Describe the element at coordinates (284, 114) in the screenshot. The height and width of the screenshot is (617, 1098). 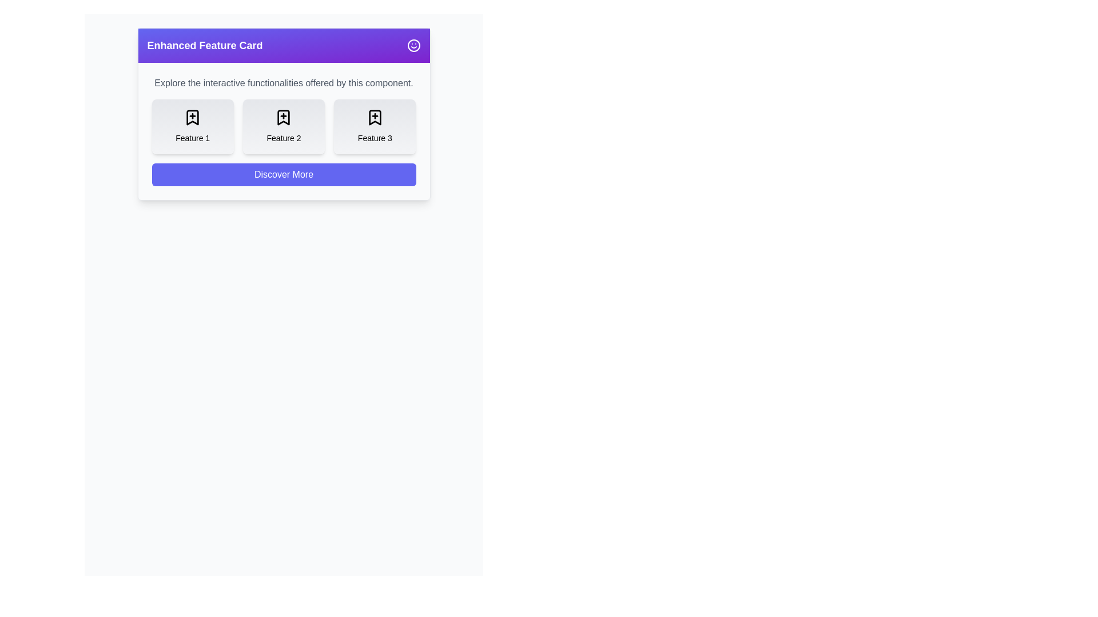
I see `the Content Panel that presents a collection of features and provides a call-to-action link for further information` at that location.